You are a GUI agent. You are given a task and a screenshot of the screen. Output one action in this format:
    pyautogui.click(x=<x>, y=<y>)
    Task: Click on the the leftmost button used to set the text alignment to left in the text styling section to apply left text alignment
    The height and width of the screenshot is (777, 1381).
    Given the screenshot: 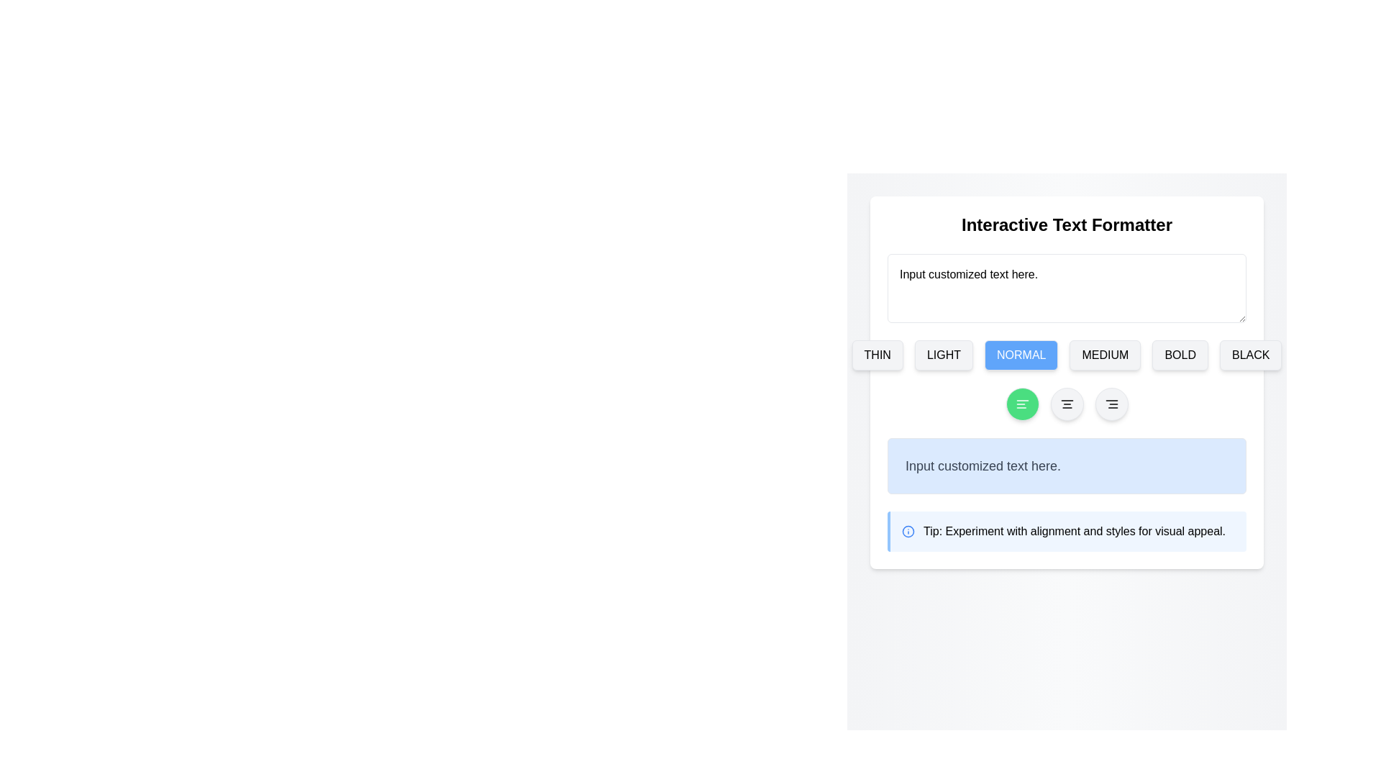 What is the action you would take?
    pyautogui.click(x=1021, y=404)
    